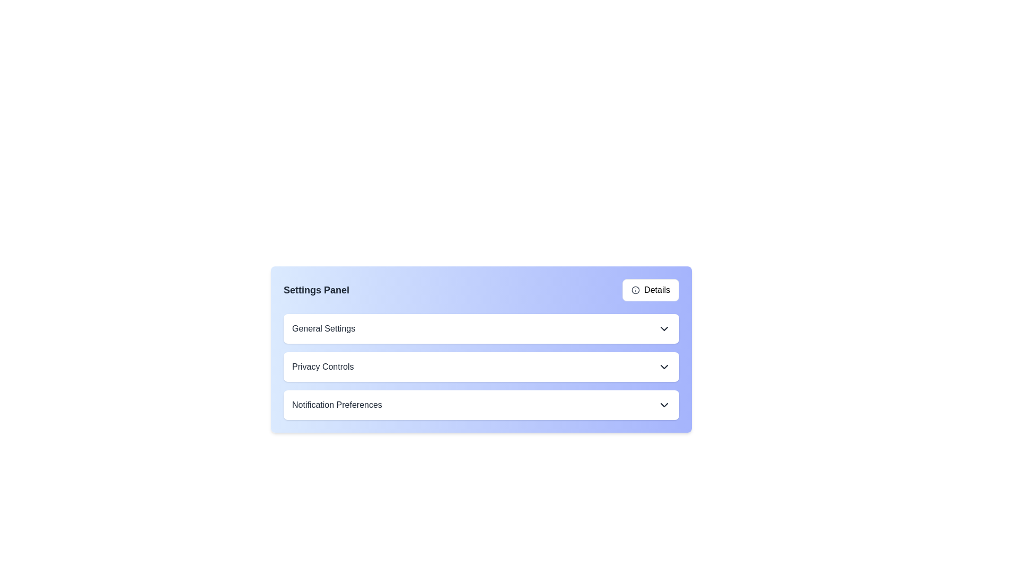 This screenshot has height=572, width=1018. Describe the element at coordinates (322, 367) in the screenshot. I see `the privacy configuration settings label located between the 'General Settings' and 'Notification Preferences' sections in the settings panel` at that location.